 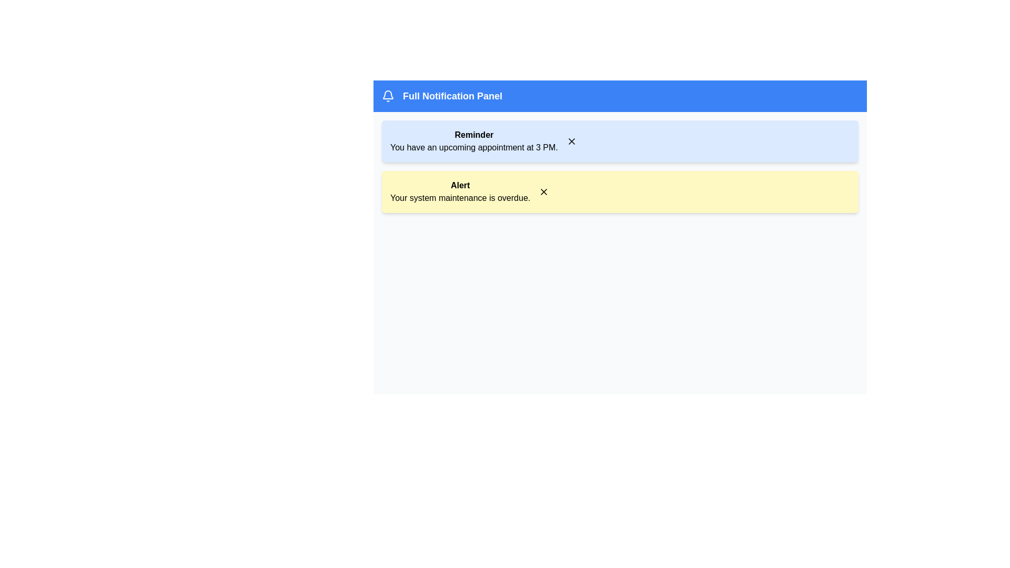 What do you see at coordinates (460, 198) in the screenshot?
I see `descriptive text of the alert notification located below the 'Alert' title within the yellow notification box, centered horizontally` at bounding box center [460, 198].